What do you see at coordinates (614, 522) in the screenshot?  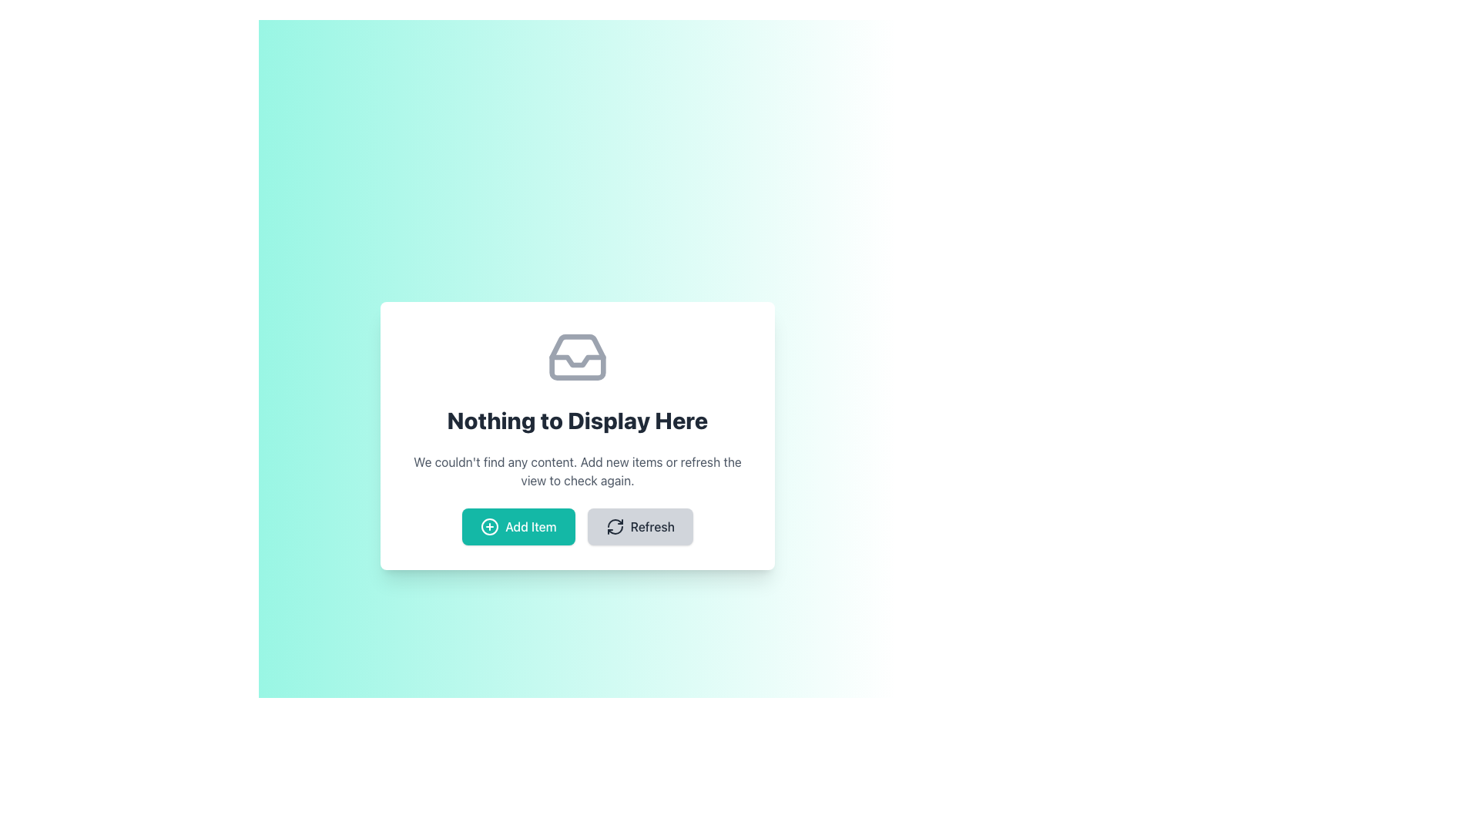 I see `the top-left curving segment of the circular arrow icon within the refresh button, which features a bold stroke for visibility` at bounding box center [614, 522].